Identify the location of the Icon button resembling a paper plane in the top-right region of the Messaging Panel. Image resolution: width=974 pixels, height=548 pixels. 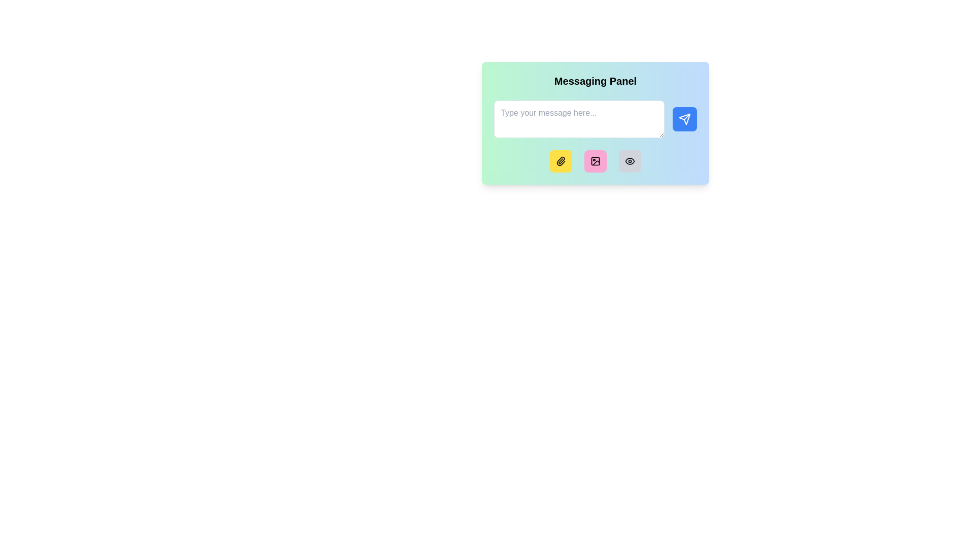
(684, 119).